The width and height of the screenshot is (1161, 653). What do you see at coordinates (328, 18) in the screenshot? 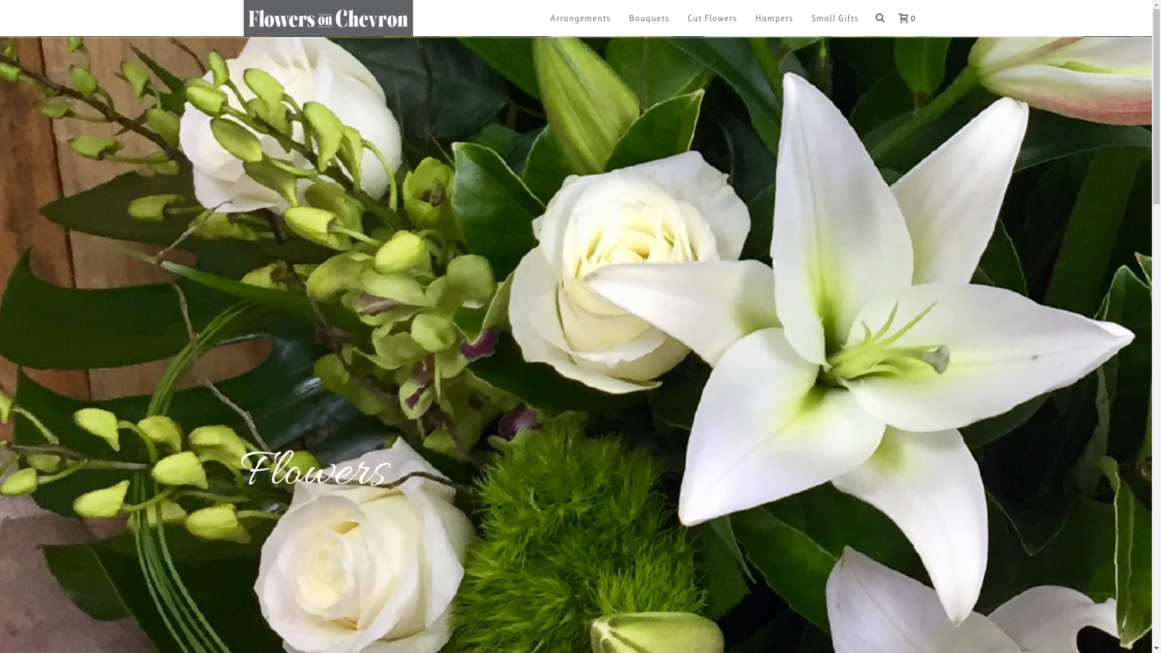
I see `'Flowers on Chevron Island on the Gold Coast'` at bounding box center [328, 18].